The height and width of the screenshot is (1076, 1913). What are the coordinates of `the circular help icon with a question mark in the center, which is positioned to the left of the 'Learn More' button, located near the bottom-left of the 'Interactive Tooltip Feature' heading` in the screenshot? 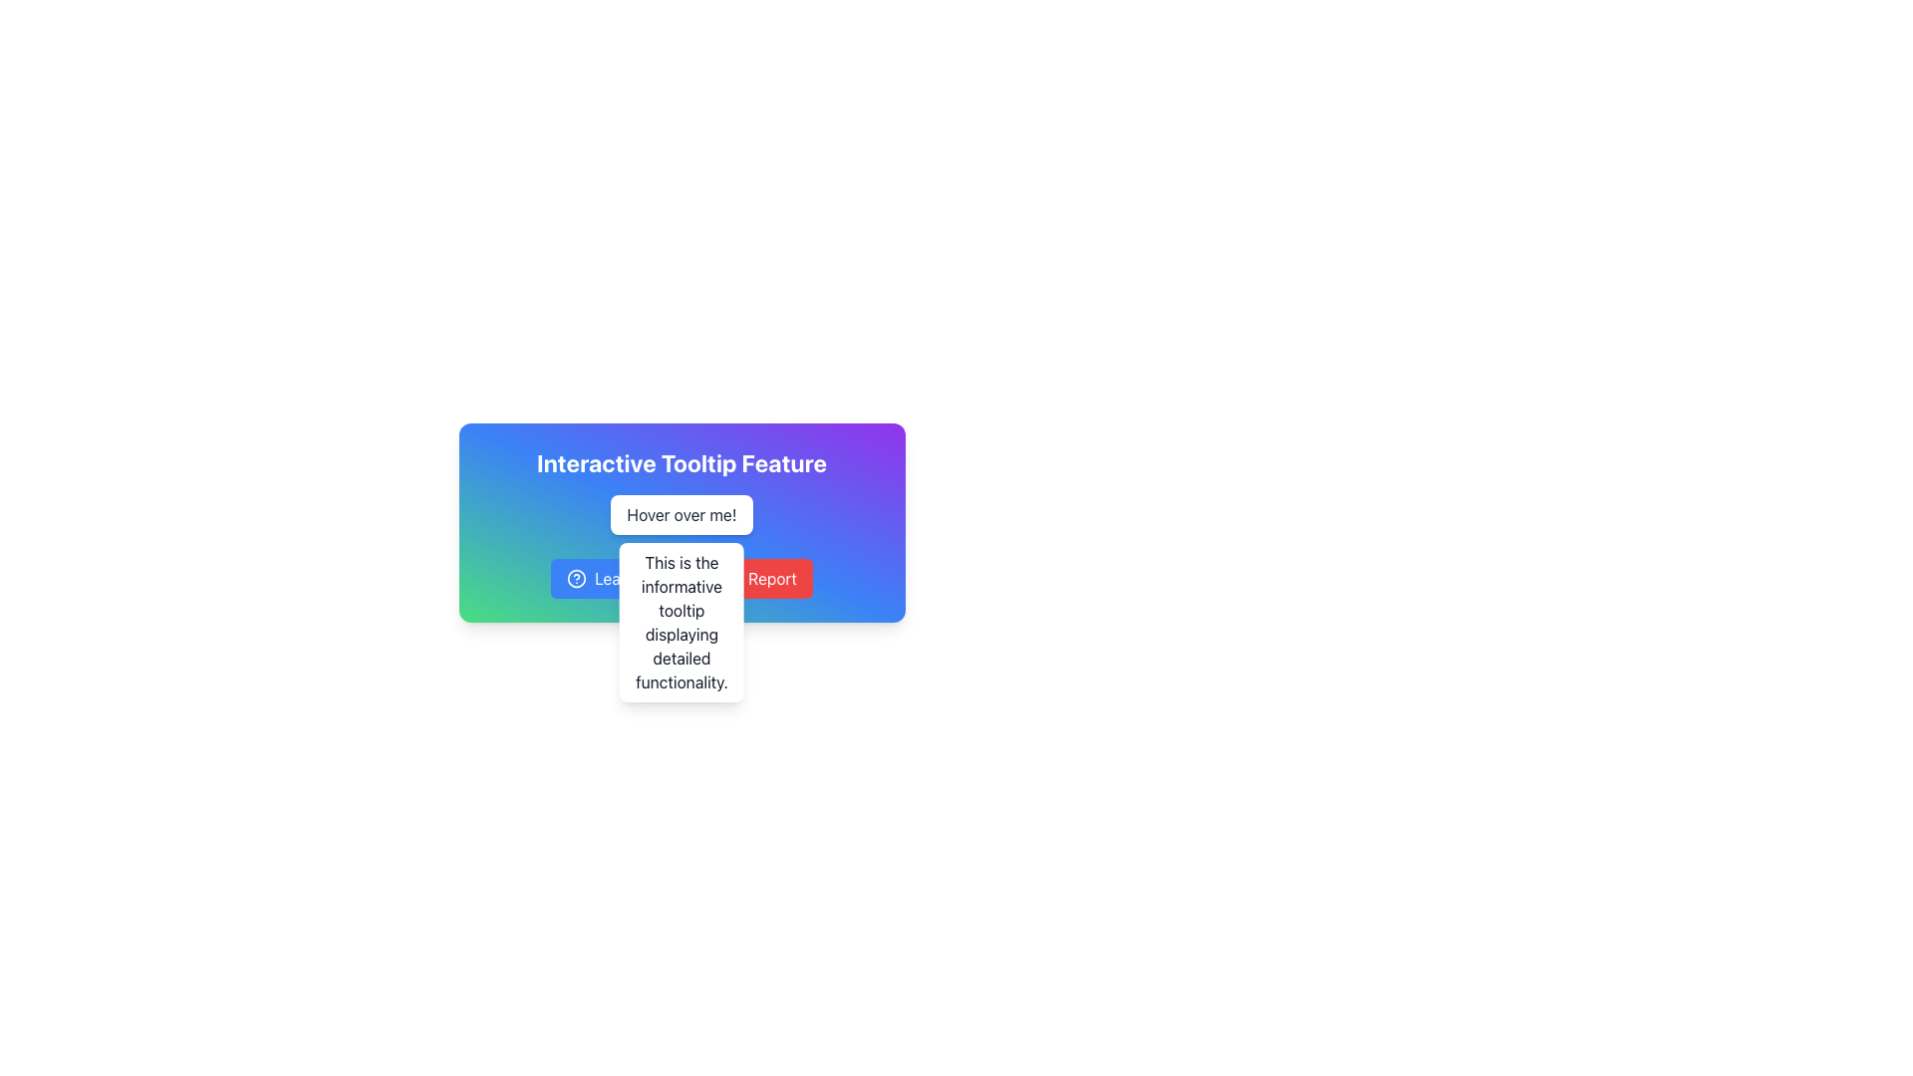 It's located at (576, 579).